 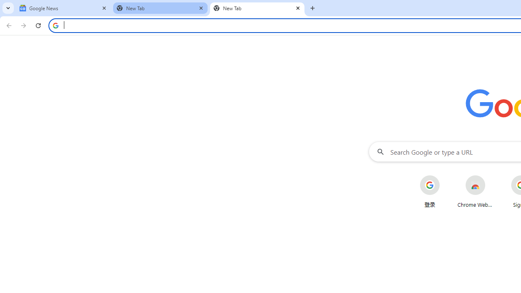 I want to click on 'More actions for Chrome Web Store shortcut', so click(x=491, y=176).